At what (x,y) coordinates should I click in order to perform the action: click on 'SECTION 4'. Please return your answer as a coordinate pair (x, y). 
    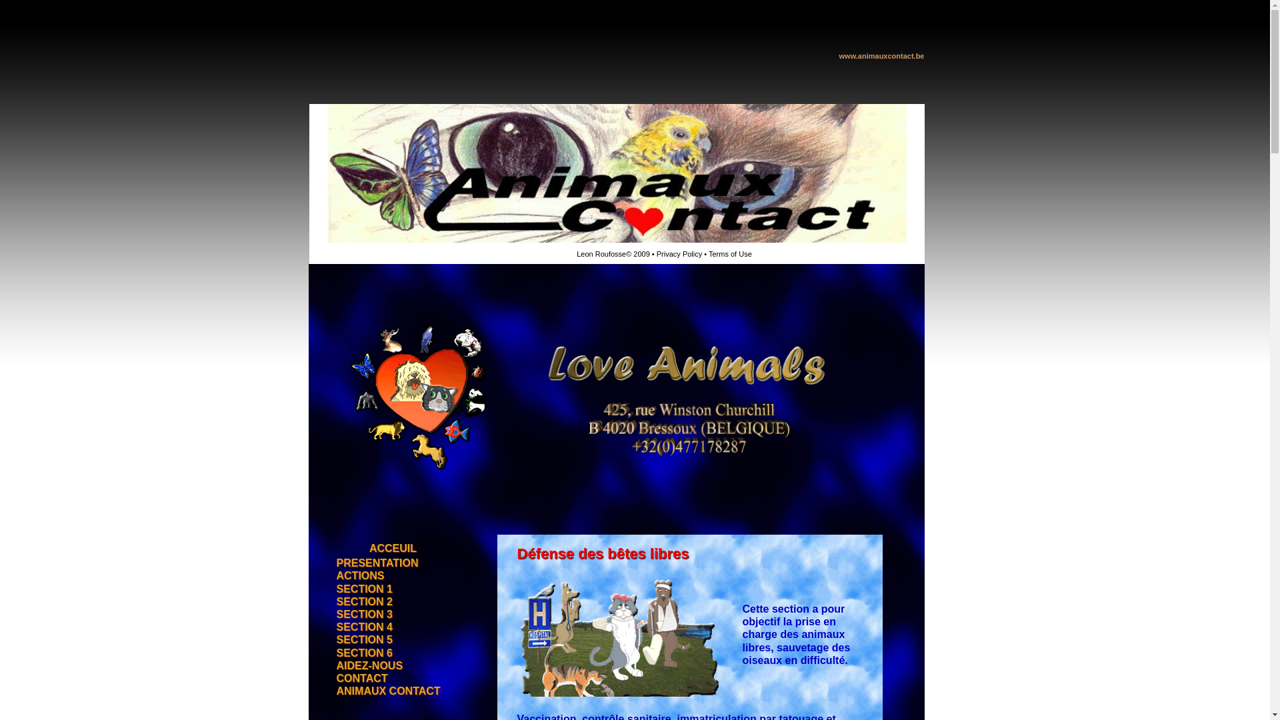
    Looking at the image, I should click on (364, 627).